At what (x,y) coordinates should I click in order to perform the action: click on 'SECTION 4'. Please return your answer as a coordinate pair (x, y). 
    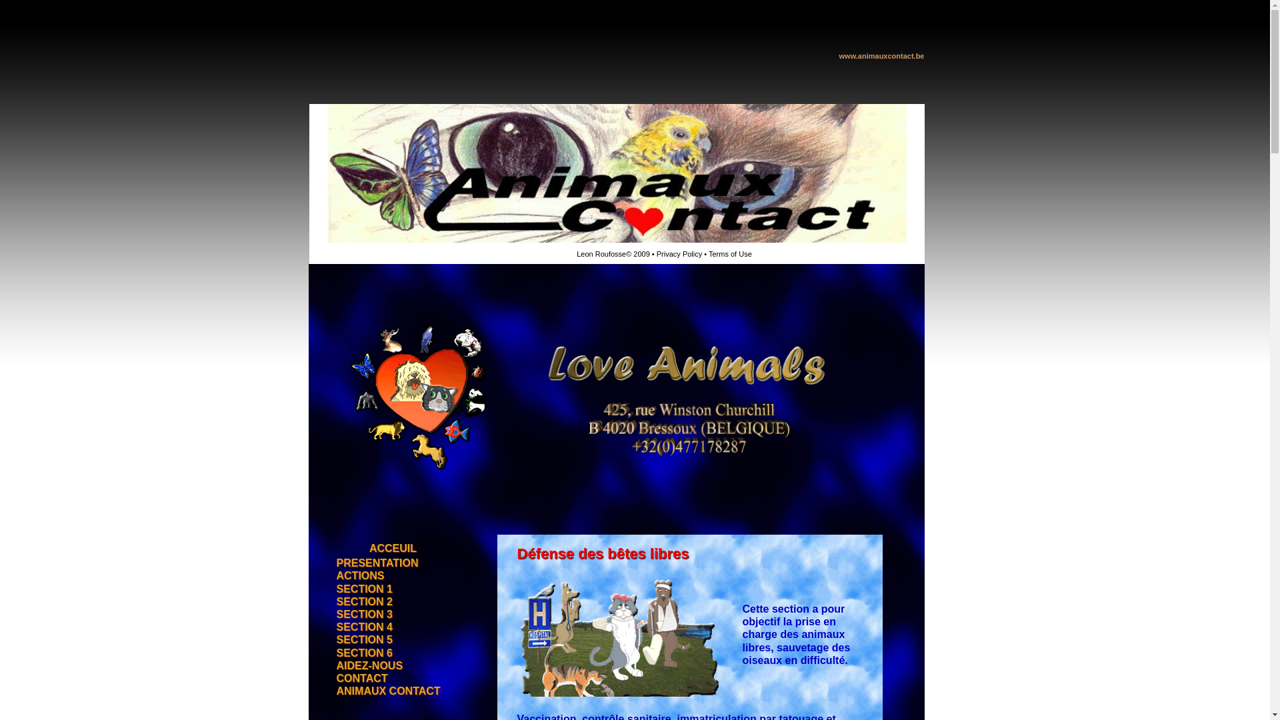
    Looking at the image, I should click on (364, 627).